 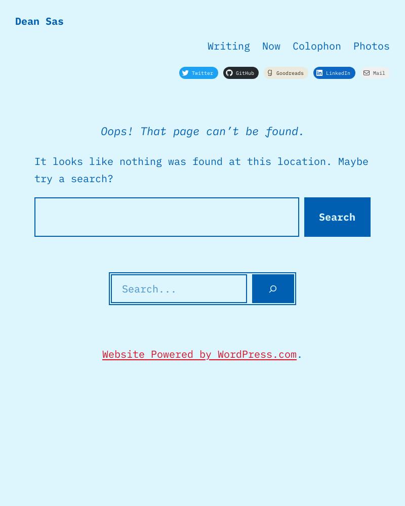 I want to click on 'No results found', so click(x=85, y=95).